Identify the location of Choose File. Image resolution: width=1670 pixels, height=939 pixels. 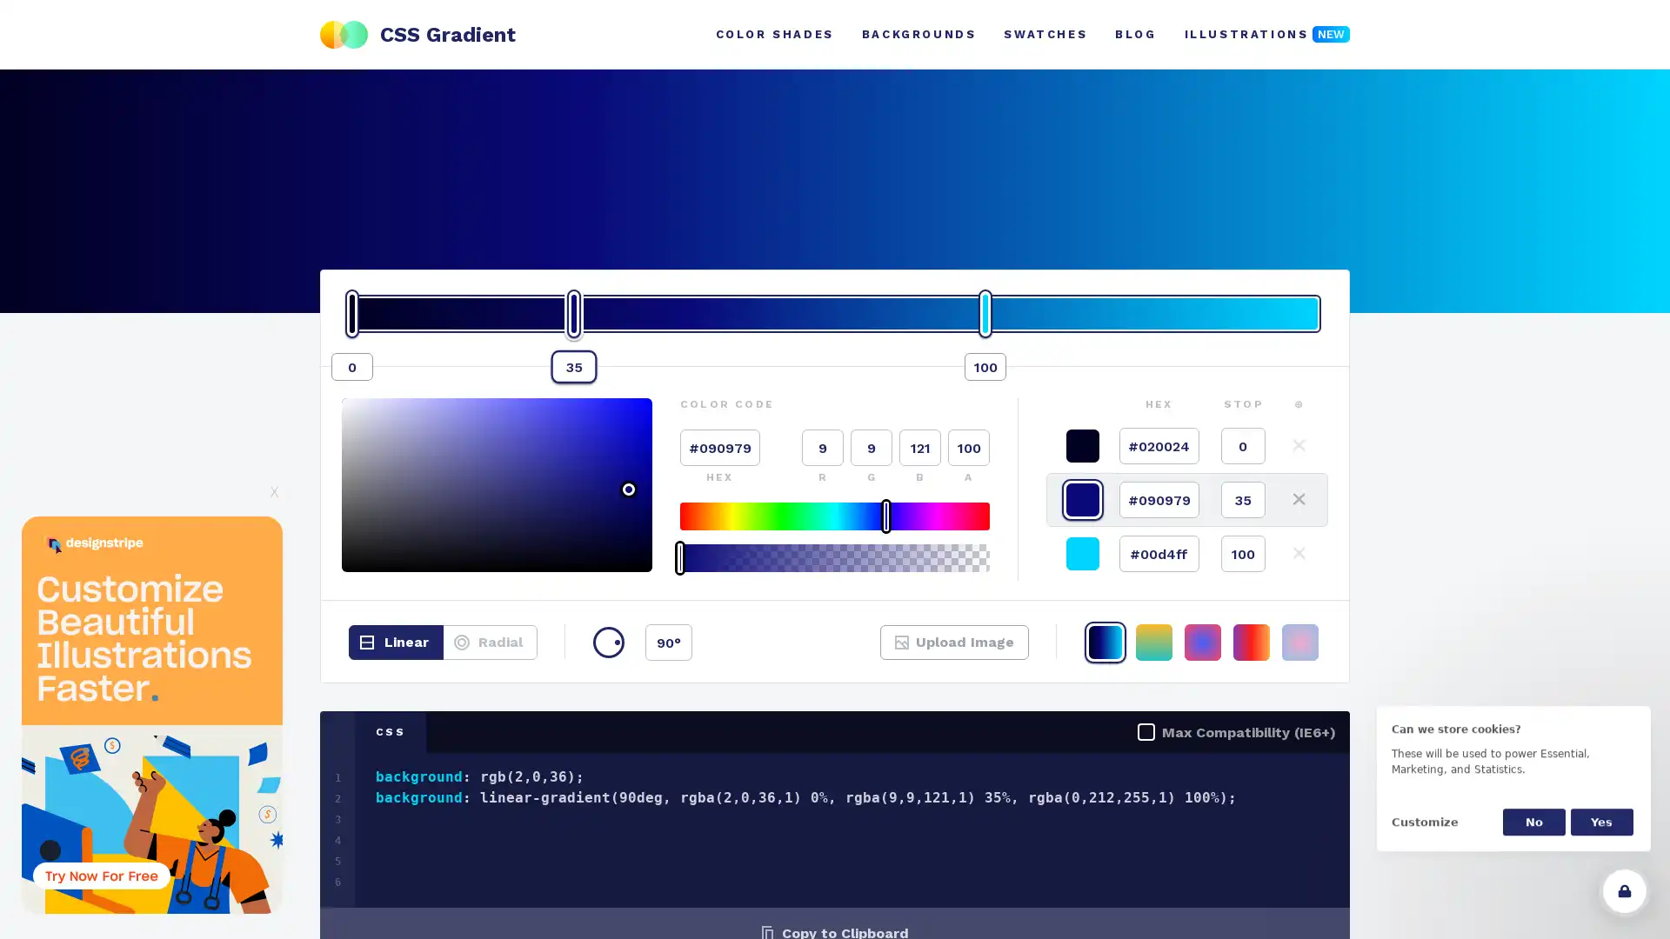
(925, 652).